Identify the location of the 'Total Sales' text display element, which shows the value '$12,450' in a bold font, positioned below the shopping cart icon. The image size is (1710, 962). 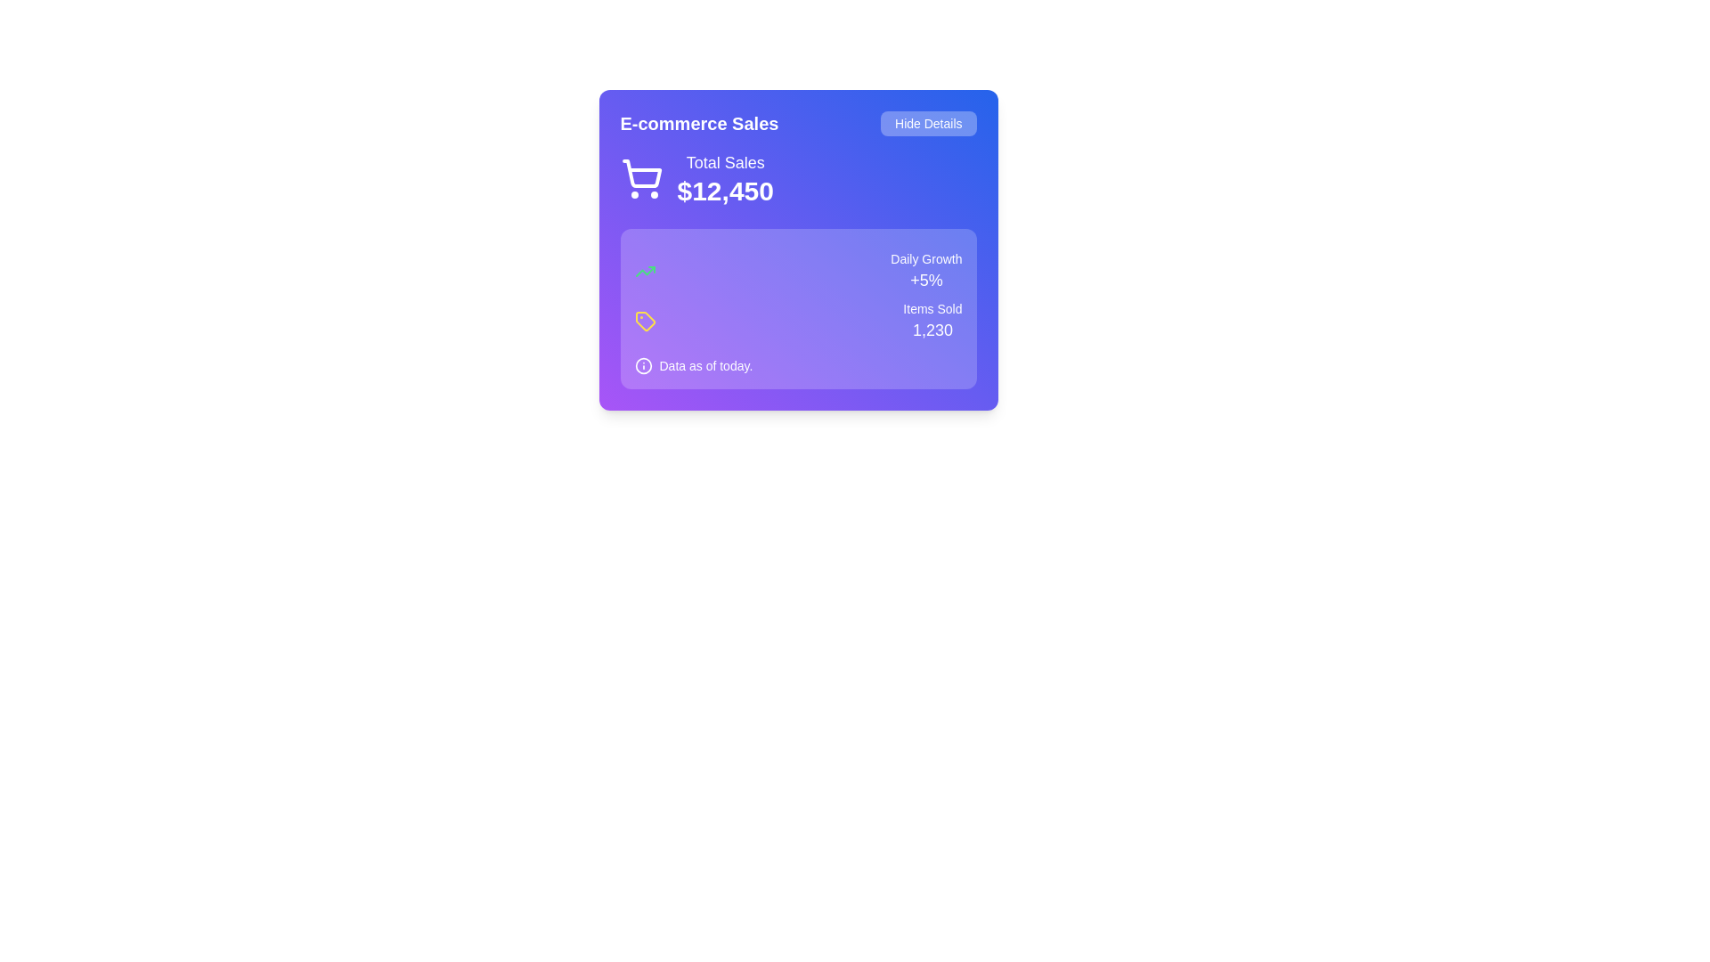
(725, 178).